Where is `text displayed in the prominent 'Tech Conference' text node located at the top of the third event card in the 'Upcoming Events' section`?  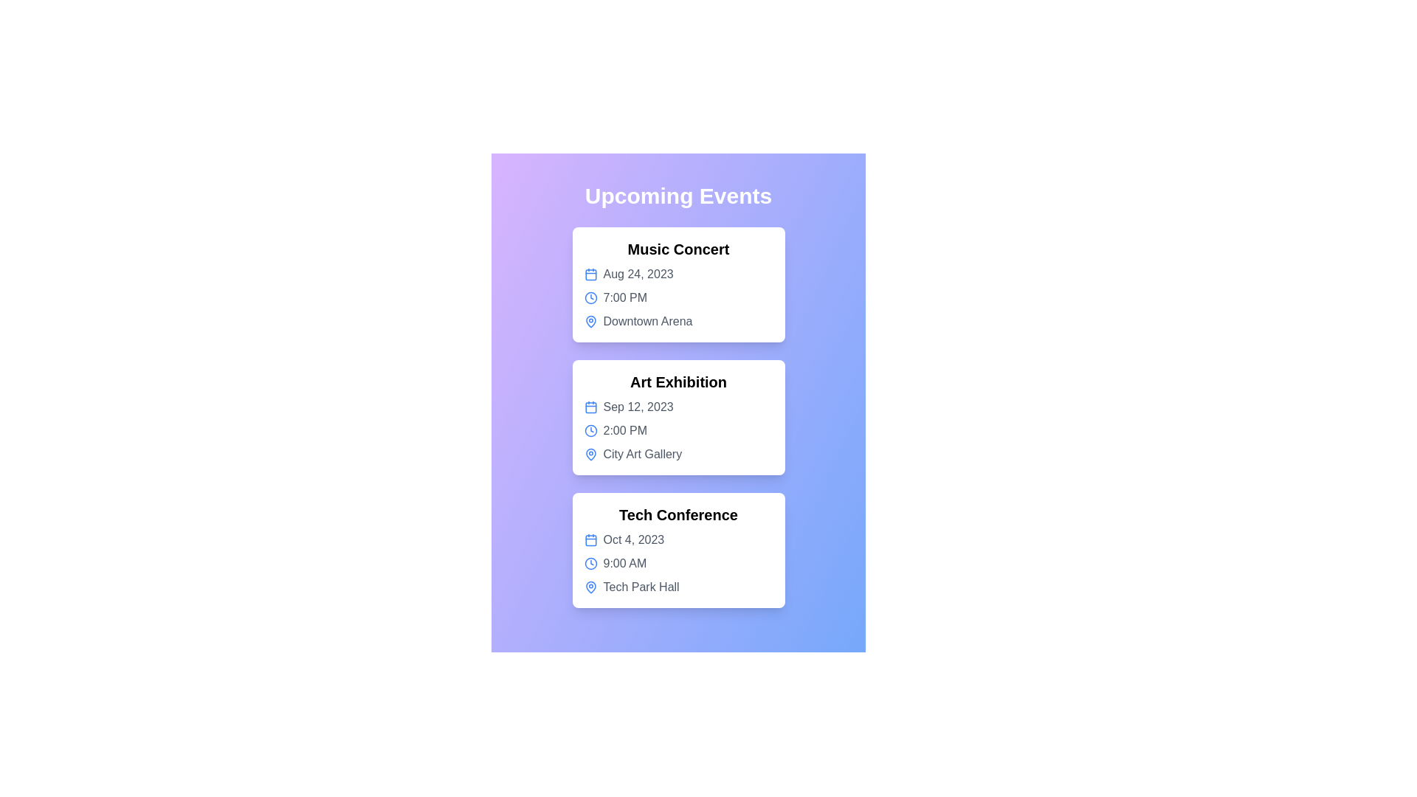
text displayed in the prominent 'Tech Conference' text node located at the top of the third event card in the 'Upcoming Events' section is located at coordinates (678, 514).